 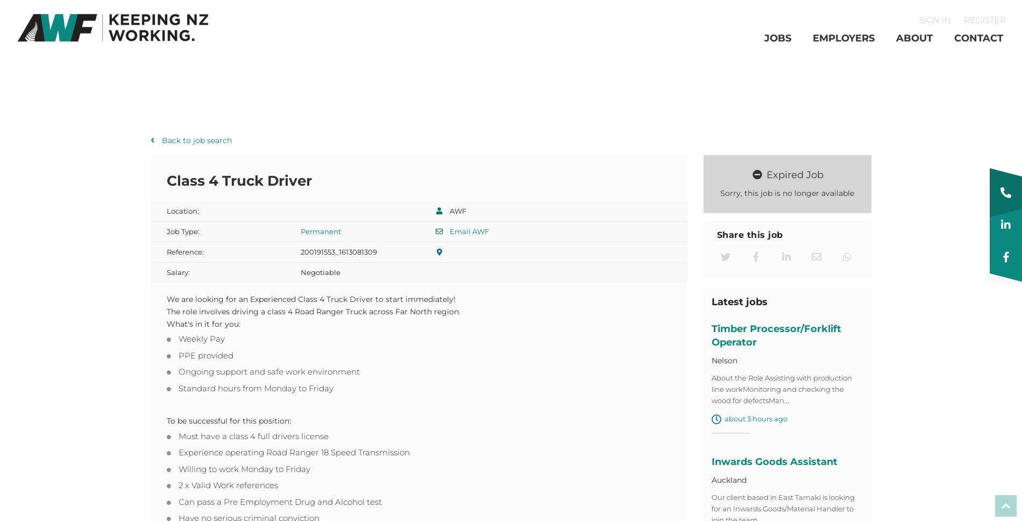 I want to click on 'Sorry, this job is no longer available', so click(x=719, y=195).